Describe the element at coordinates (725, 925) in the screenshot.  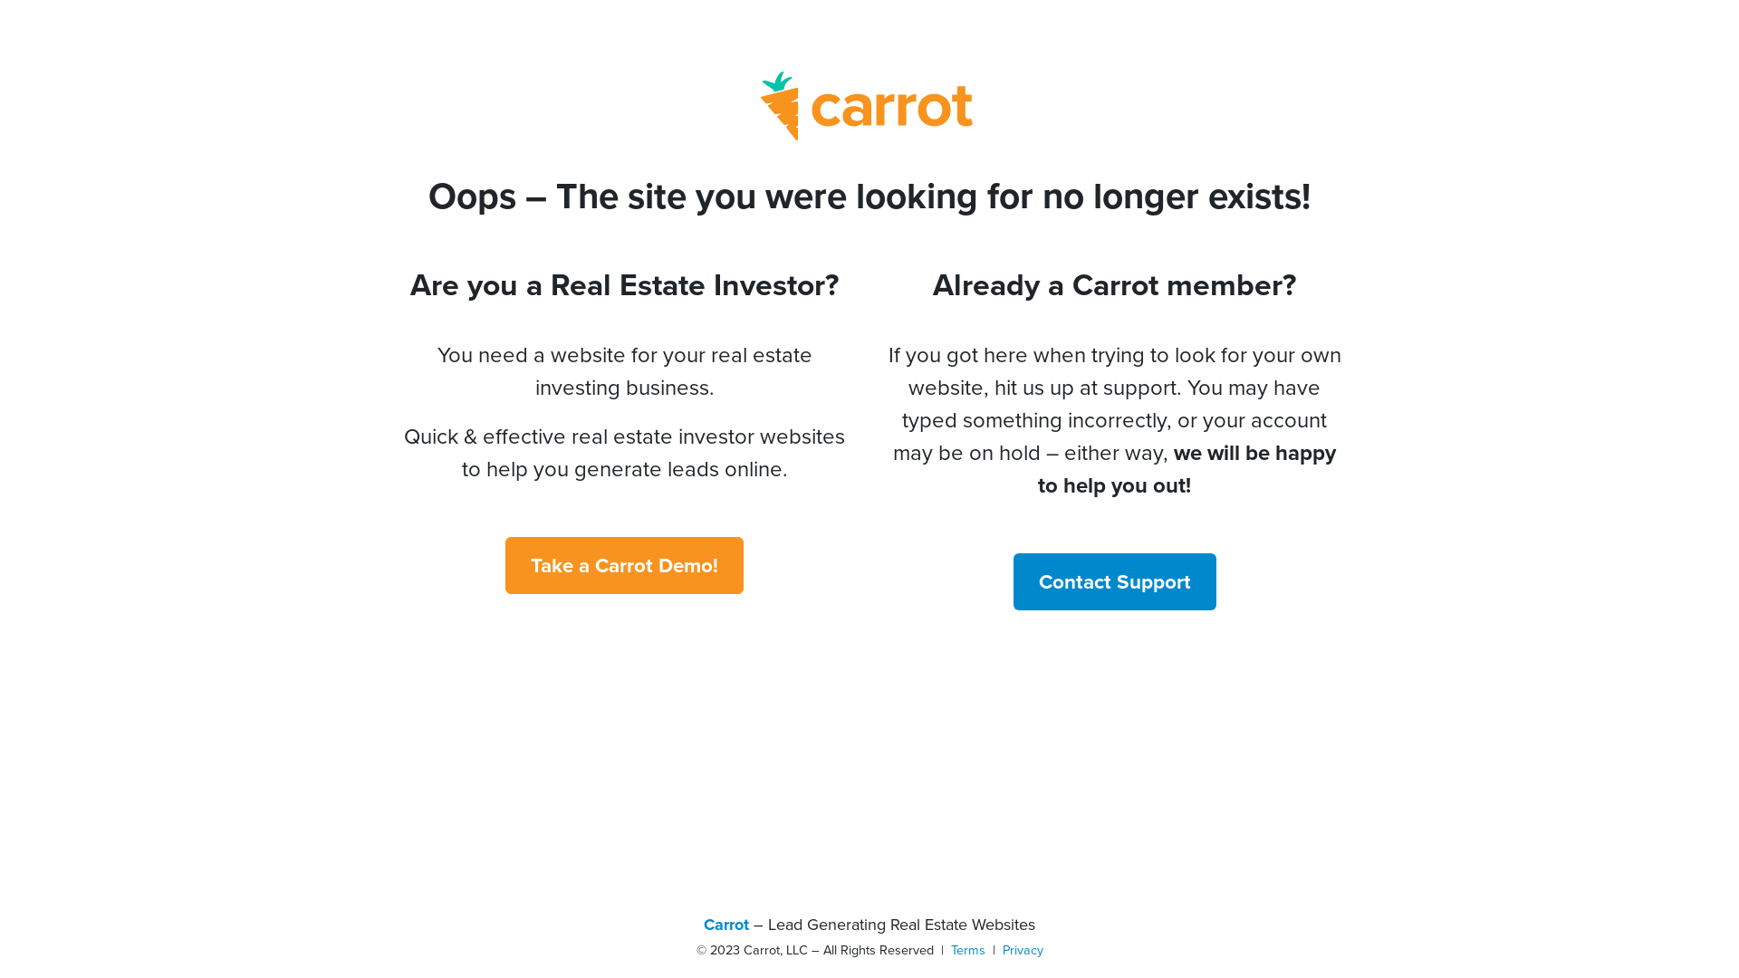
I see `'Carrot'` at that location.